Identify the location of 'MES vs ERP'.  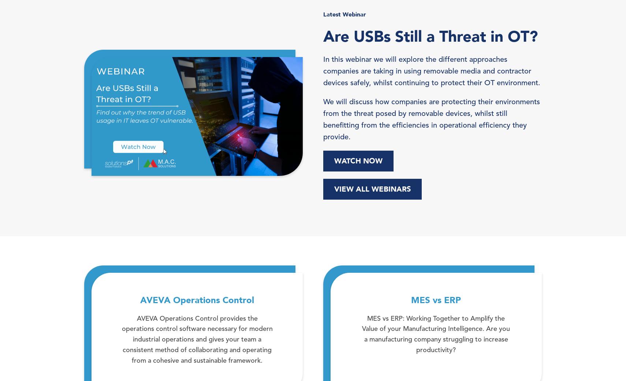
(410, 300).